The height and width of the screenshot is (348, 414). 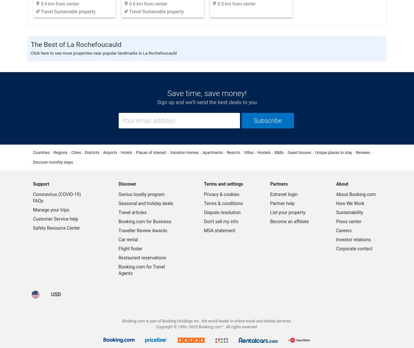 I want to click on 'Don't sell my info', so click(x=203, y=221).